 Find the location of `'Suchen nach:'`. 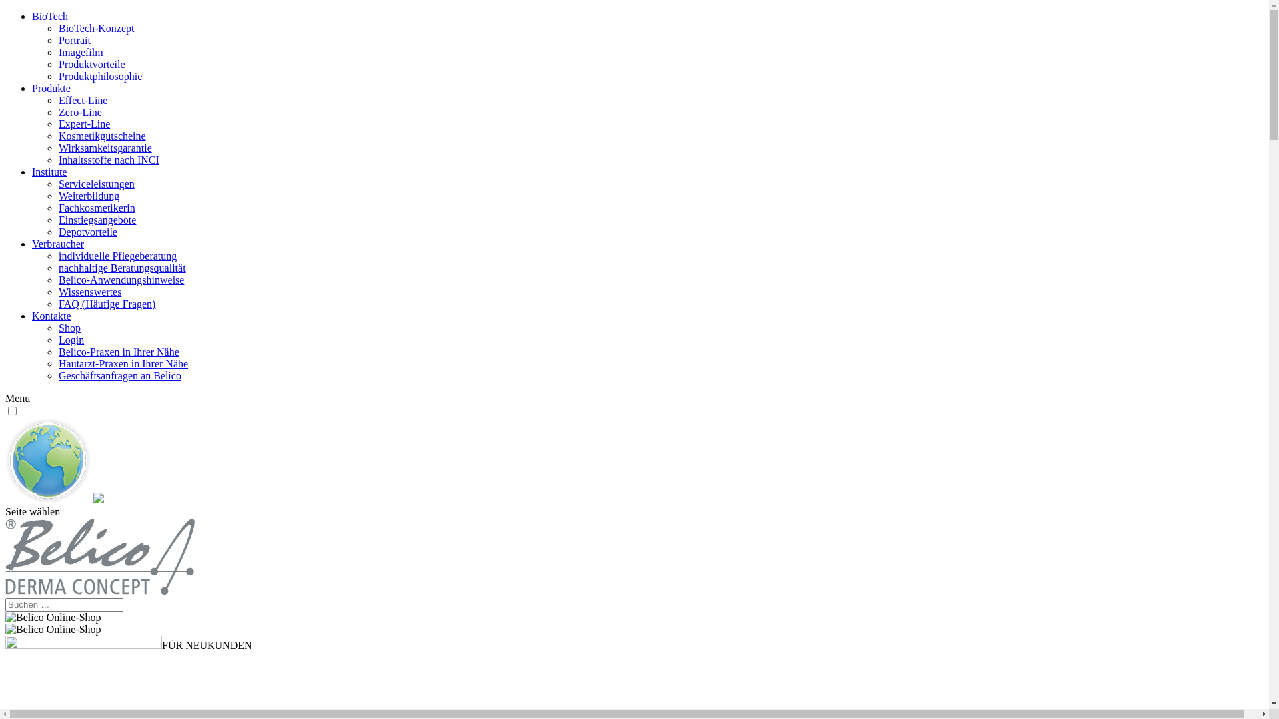

'Suchen nach:' is located at coordinates (63, 604).